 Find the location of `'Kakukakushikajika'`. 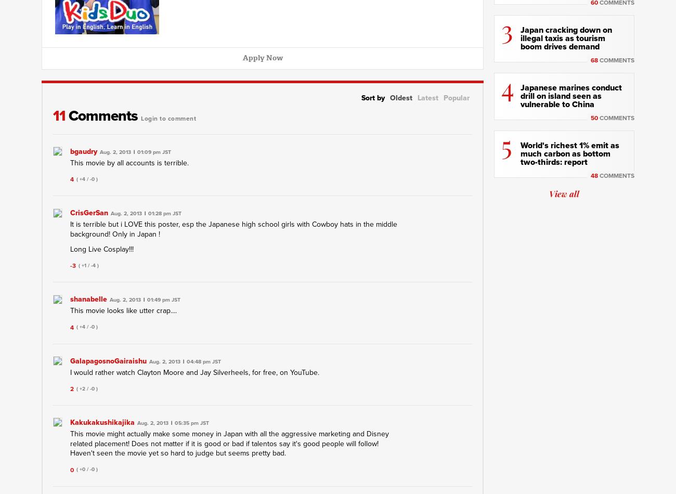

'Kakukakushikajika' is located at coordinates (102, 422).